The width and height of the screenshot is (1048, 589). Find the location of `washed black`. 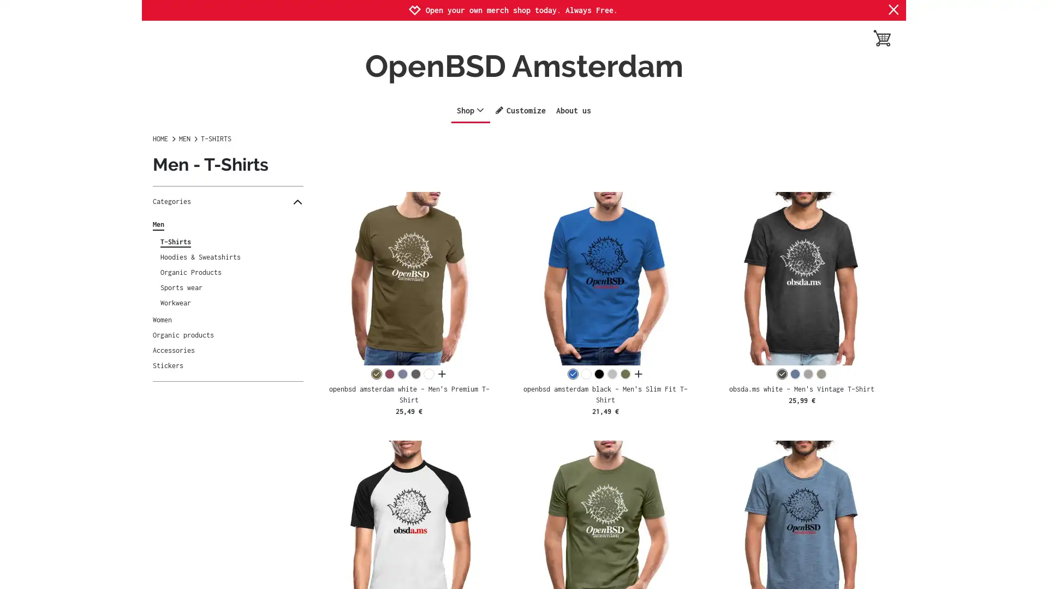

washed black is located at coordinates (782, 374).